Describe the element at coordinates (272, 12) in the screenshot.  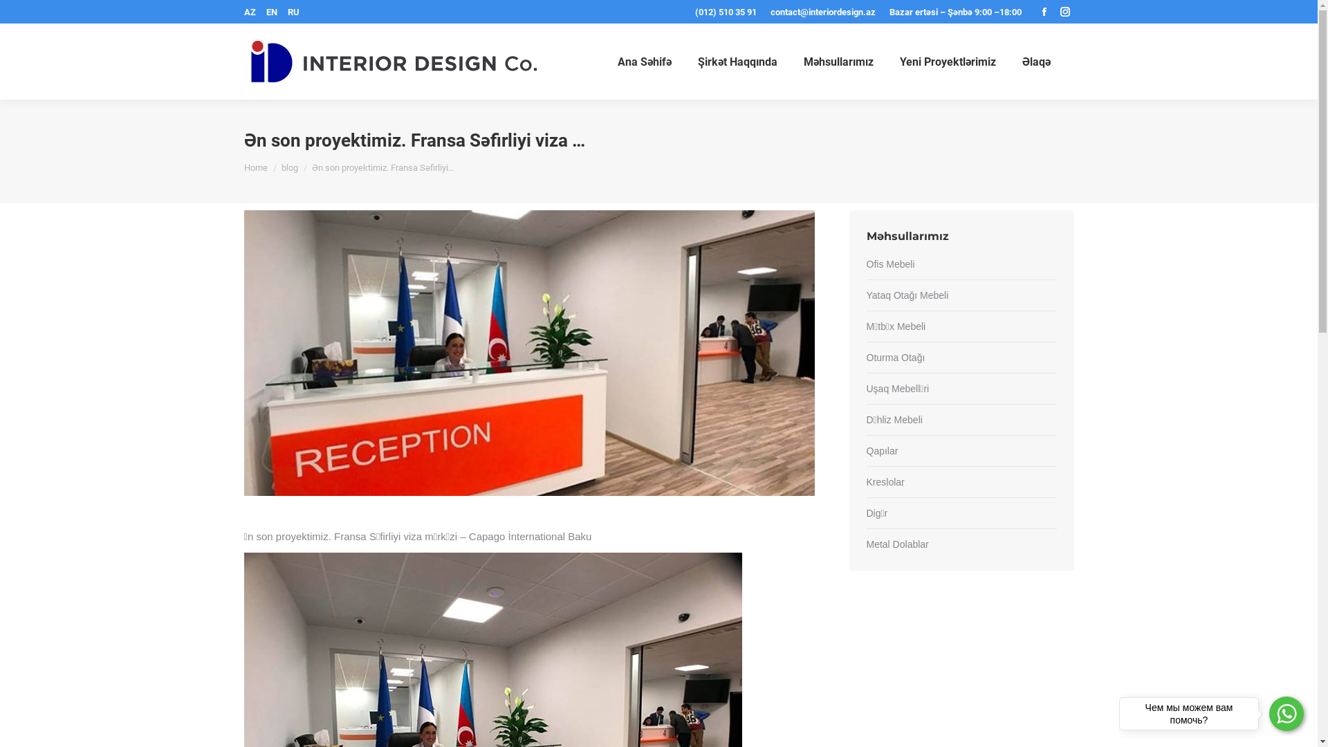
I see `'EN'` at that location.